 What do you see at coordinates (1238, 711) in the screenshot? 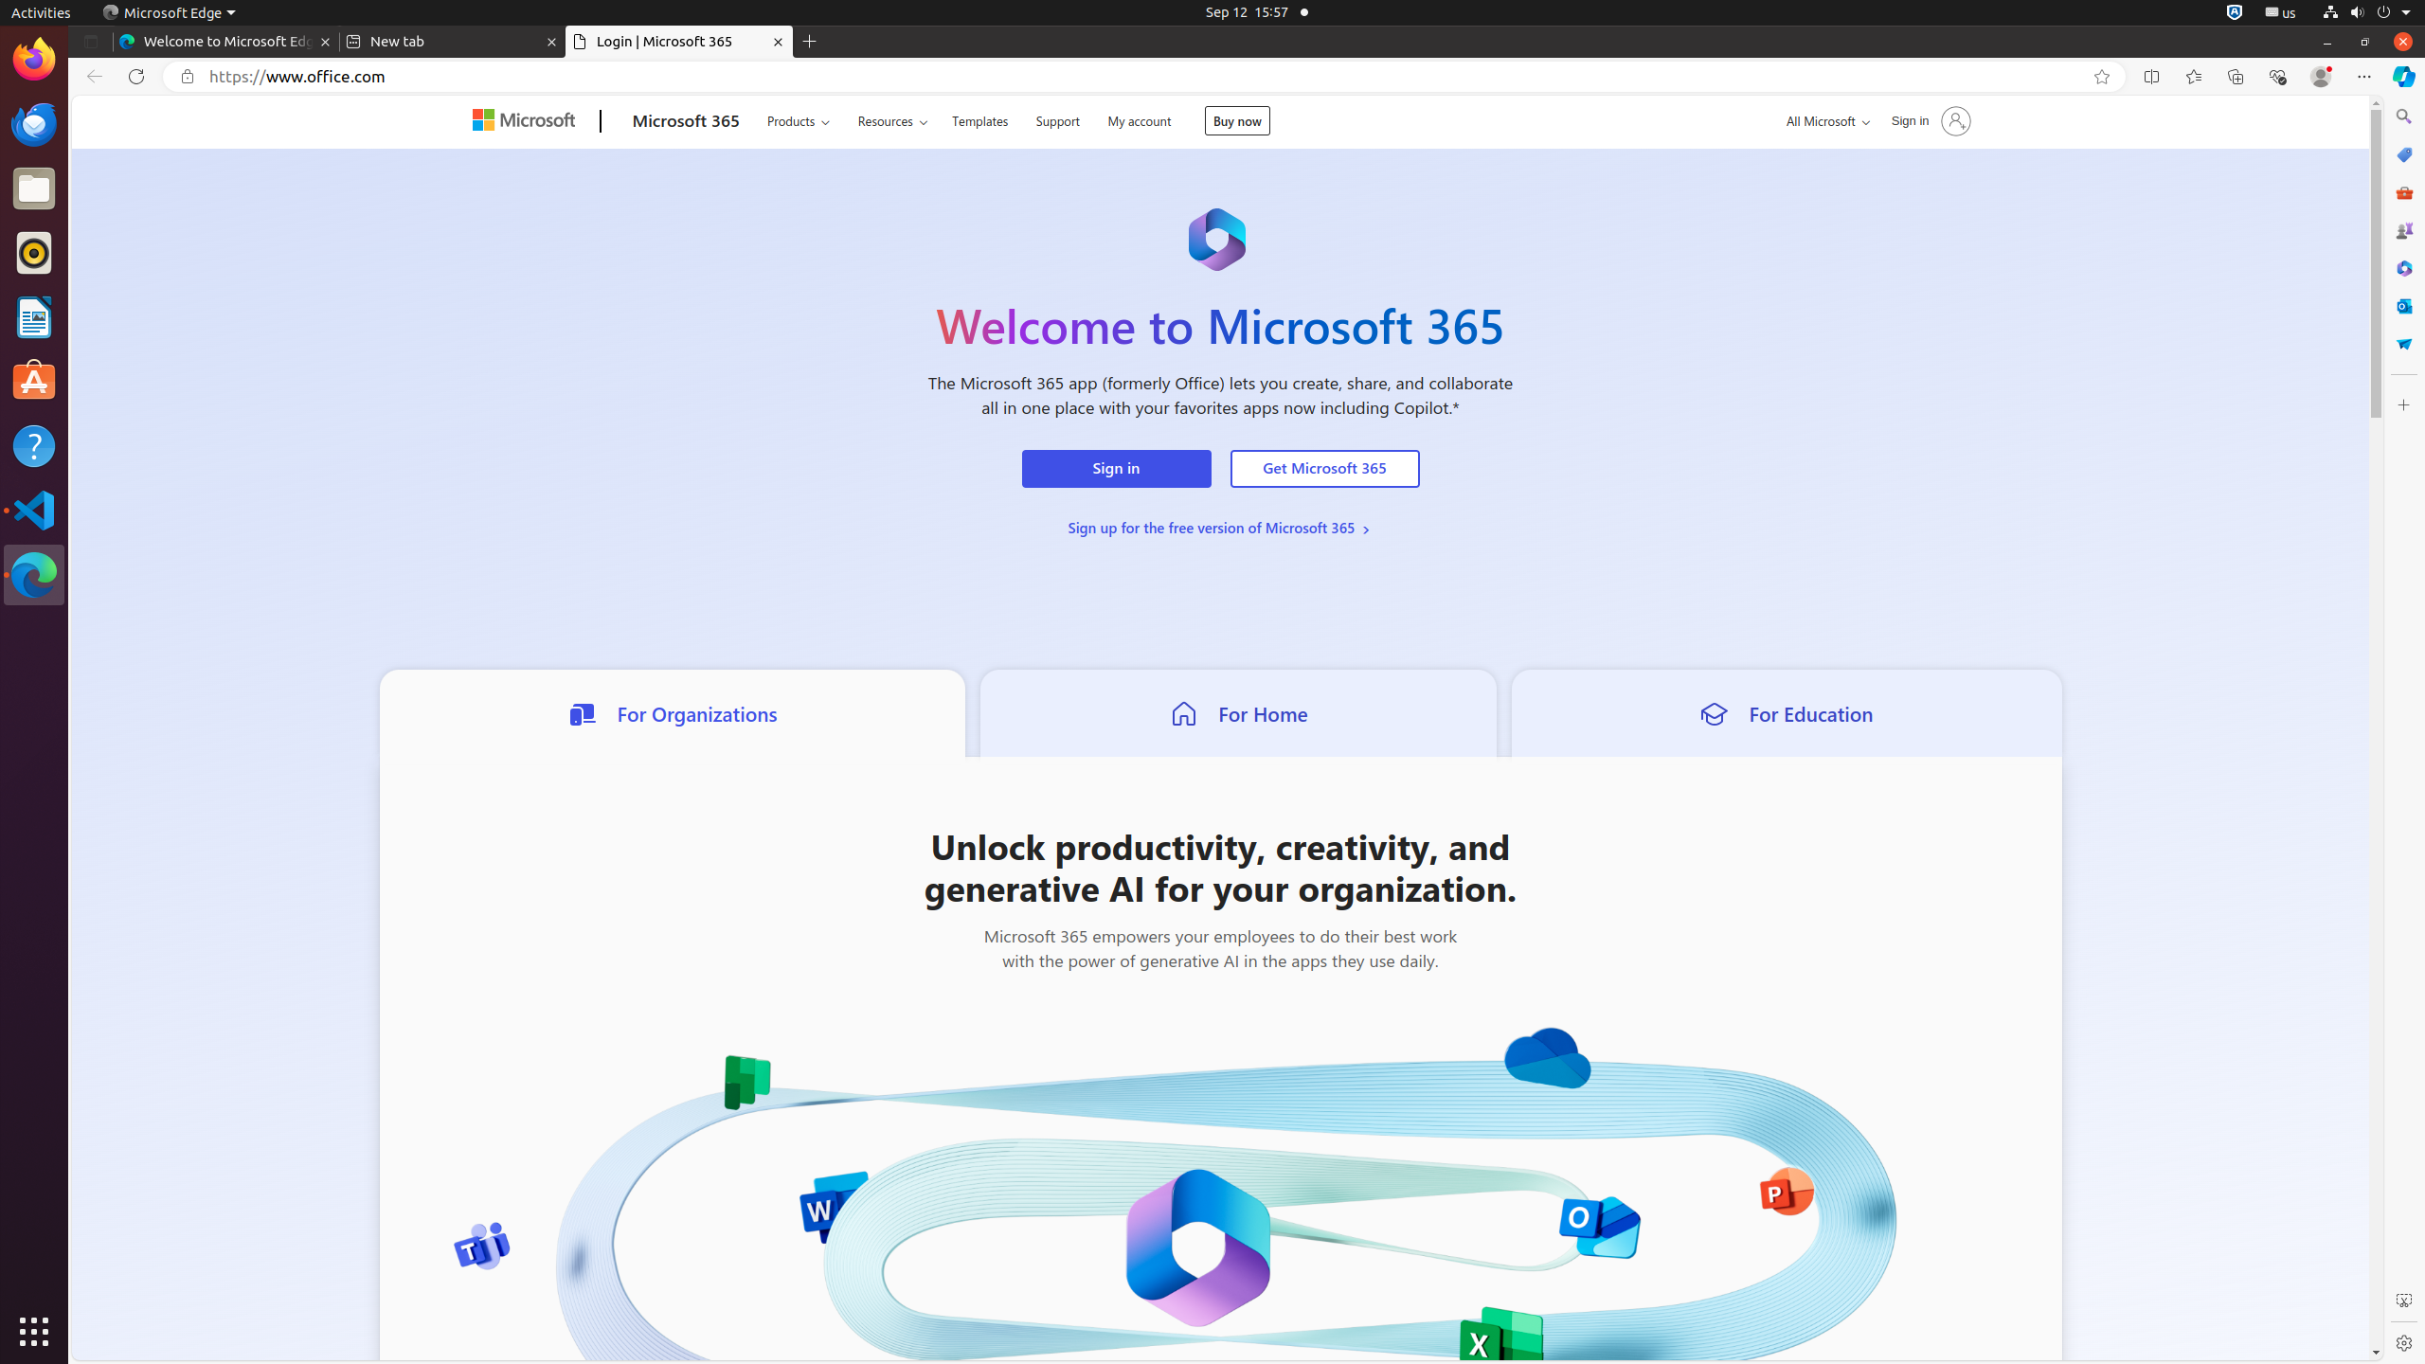
I see `'For Home'` at bounding box center [1238, 711].